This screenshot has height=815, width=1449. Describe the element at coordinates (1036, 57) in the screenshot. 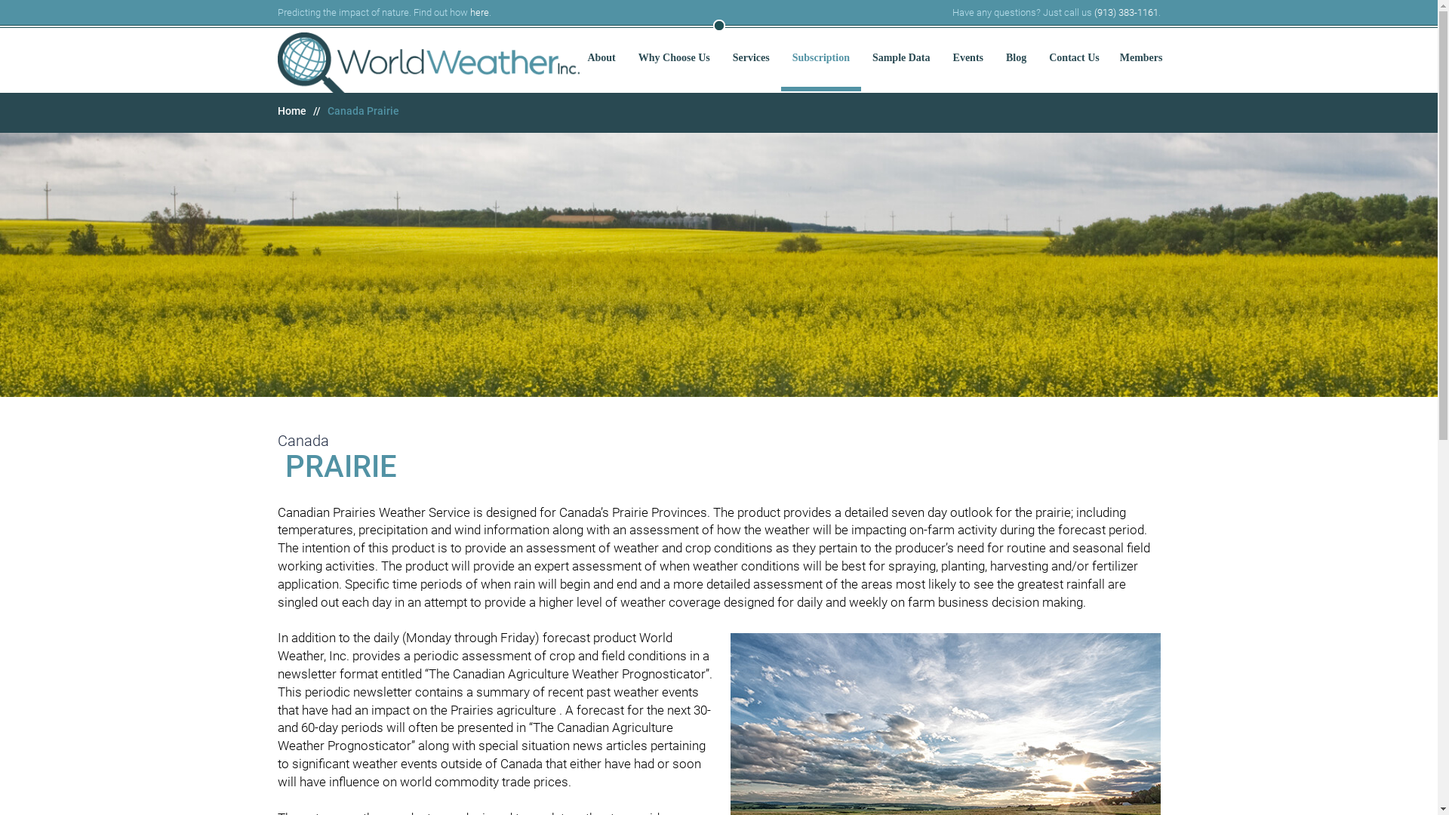

I see `'Contact Us'` at that location.